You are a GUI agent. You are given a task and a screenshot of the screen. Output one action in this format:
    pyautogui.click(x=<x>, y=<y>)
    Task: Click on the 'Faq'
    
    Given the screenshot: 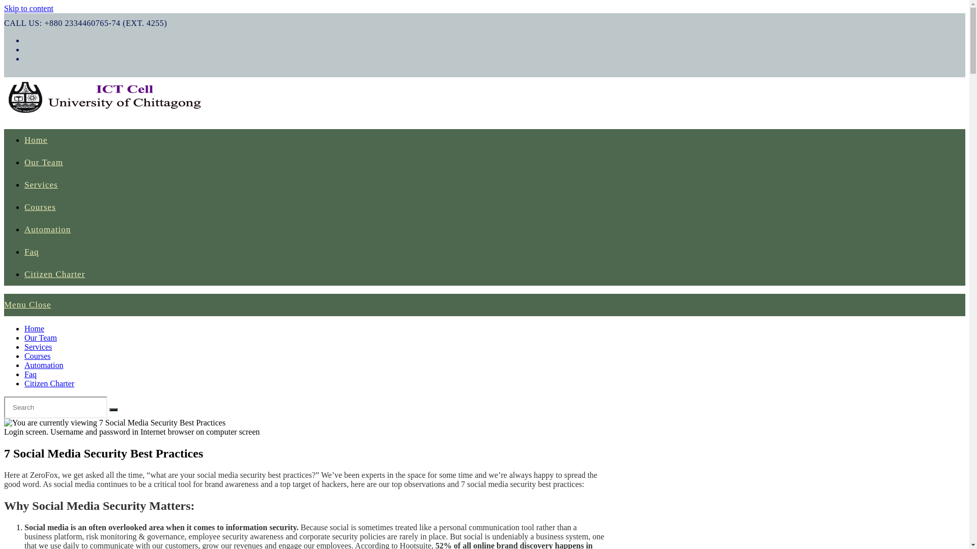 What is the action you would take?
    pyautogui.click(x=30, y=374)
    